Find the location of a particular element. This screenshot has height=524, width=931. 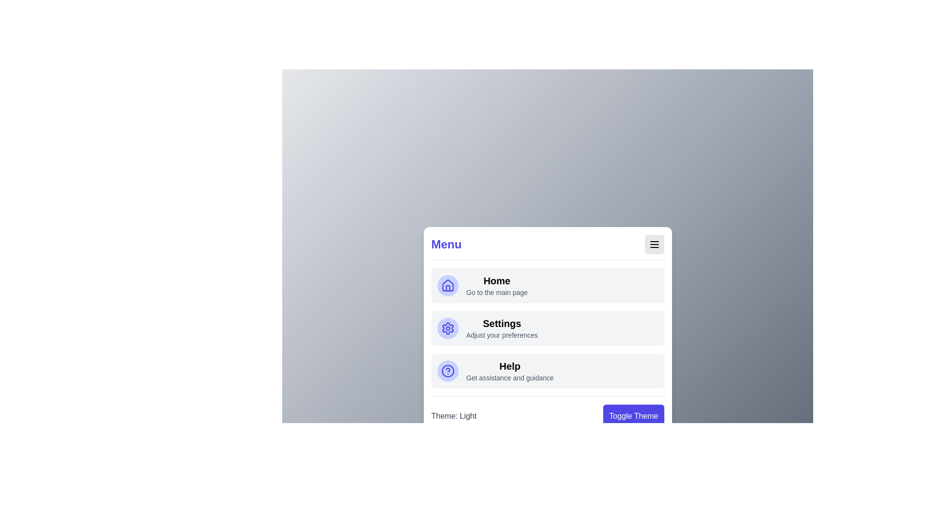

the 'Toggle Theme' button to toggle the theme is located at coordinates (633, 415).